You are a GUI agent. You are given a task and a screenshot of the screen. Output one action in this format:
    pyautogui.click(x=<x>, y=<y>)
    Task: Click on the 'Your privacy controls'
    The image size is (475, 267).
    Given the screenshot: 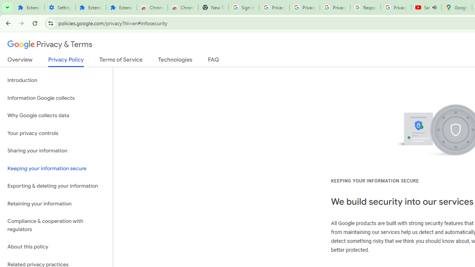 What is the action you would take?
    pyautogui.click(x=56, y=133)
    